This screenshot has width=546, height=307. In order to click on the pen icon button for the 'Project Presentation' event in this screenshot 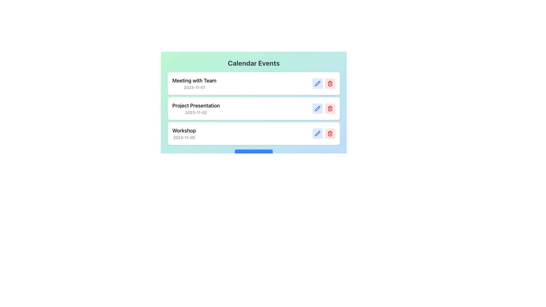, I will do `click(317, 108)`.